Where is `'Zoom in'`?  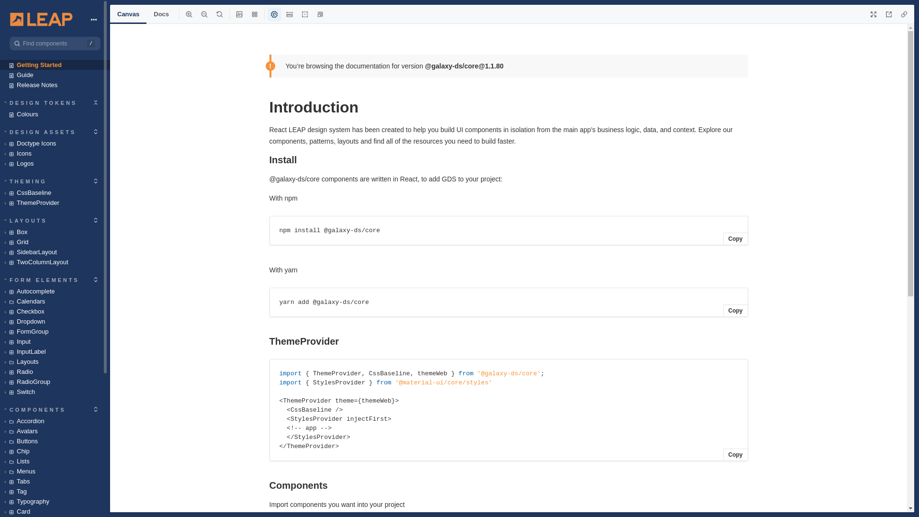 'Zoom in' is located at coordinates (189, 14).